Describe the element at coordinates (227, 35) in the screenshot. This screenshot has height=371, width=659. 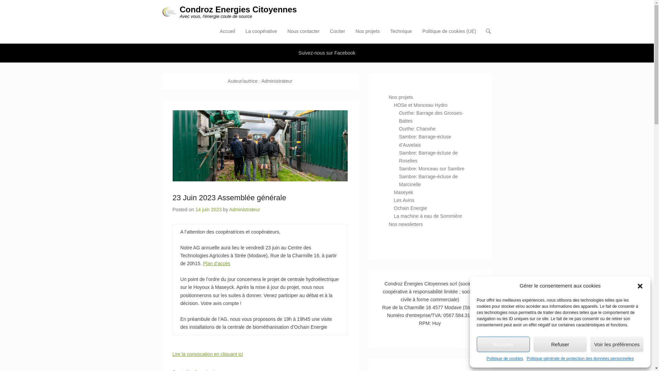
I see `'Accueil'` at that location.